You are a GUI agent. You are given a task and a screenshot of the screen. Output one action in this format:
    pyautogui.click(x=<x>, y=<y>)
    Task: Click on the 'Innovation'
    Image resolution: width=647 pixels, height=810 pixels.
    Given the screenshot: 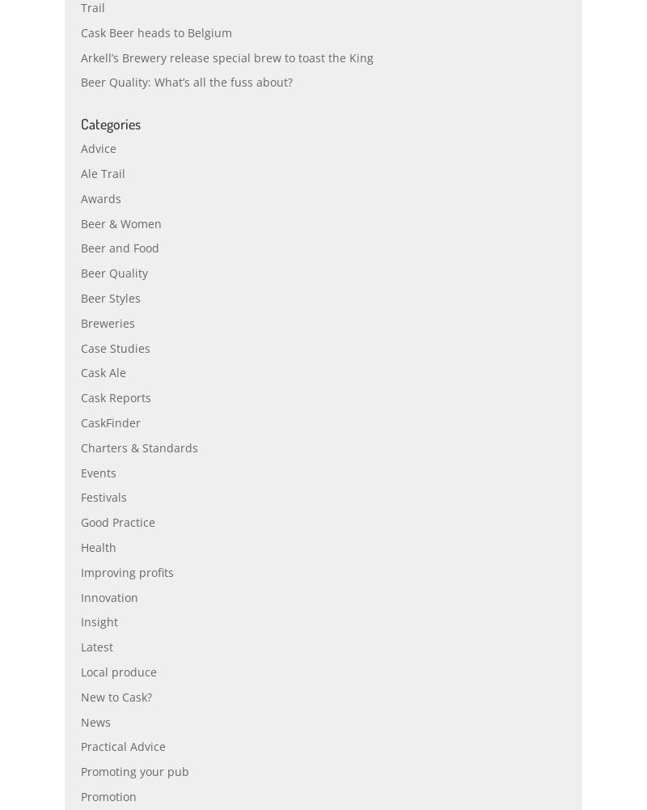 What is the action you would take?
    pyautogui.click(x=109, y=633)
    